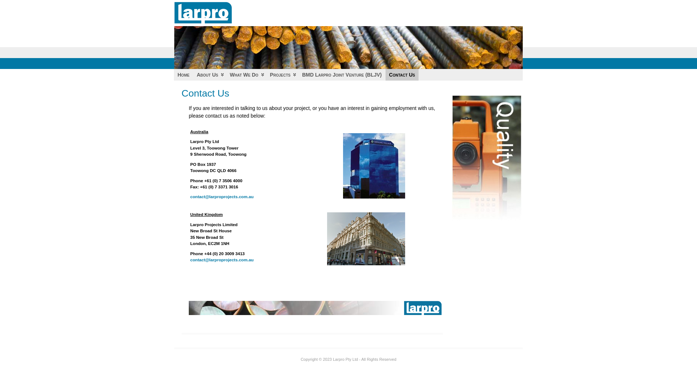  I want to click on 'What We Do', so click(226, 74).